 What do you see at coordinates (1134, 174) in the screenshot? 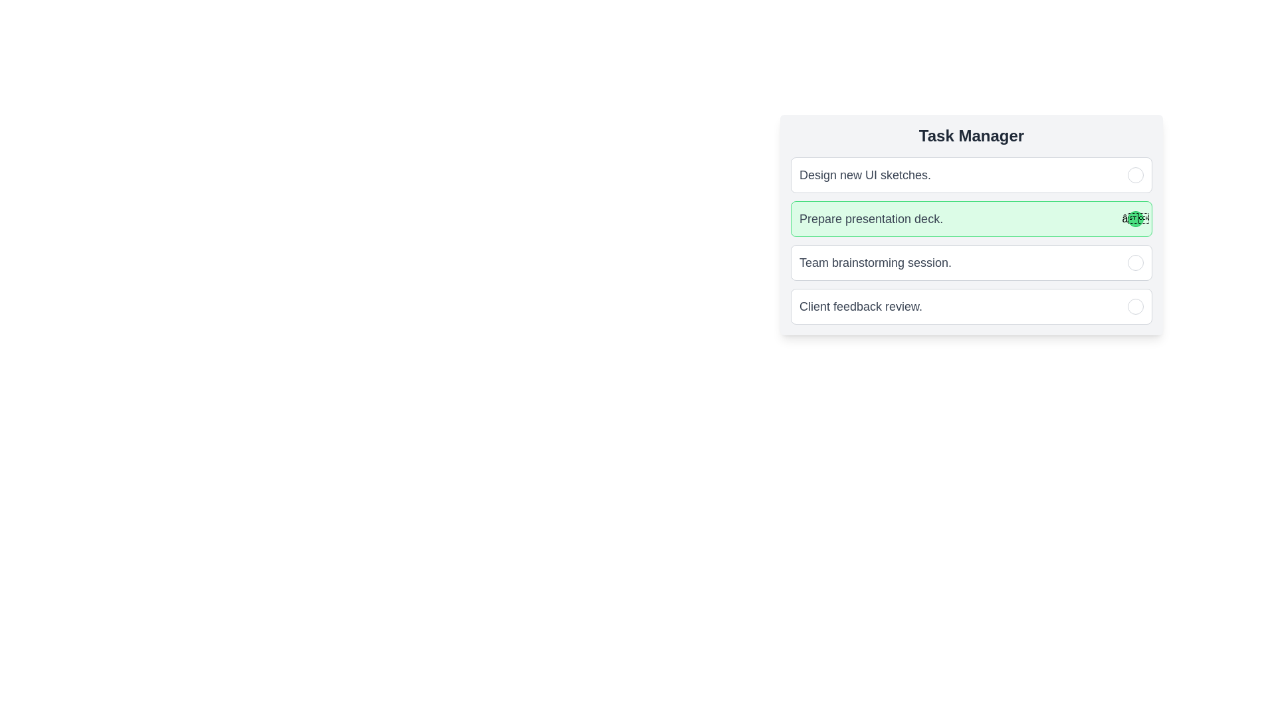
I see `the circular checkbox element at the far right of the task item labeled 'Design new UI sketches.'` at bounding box center [1134, 174].